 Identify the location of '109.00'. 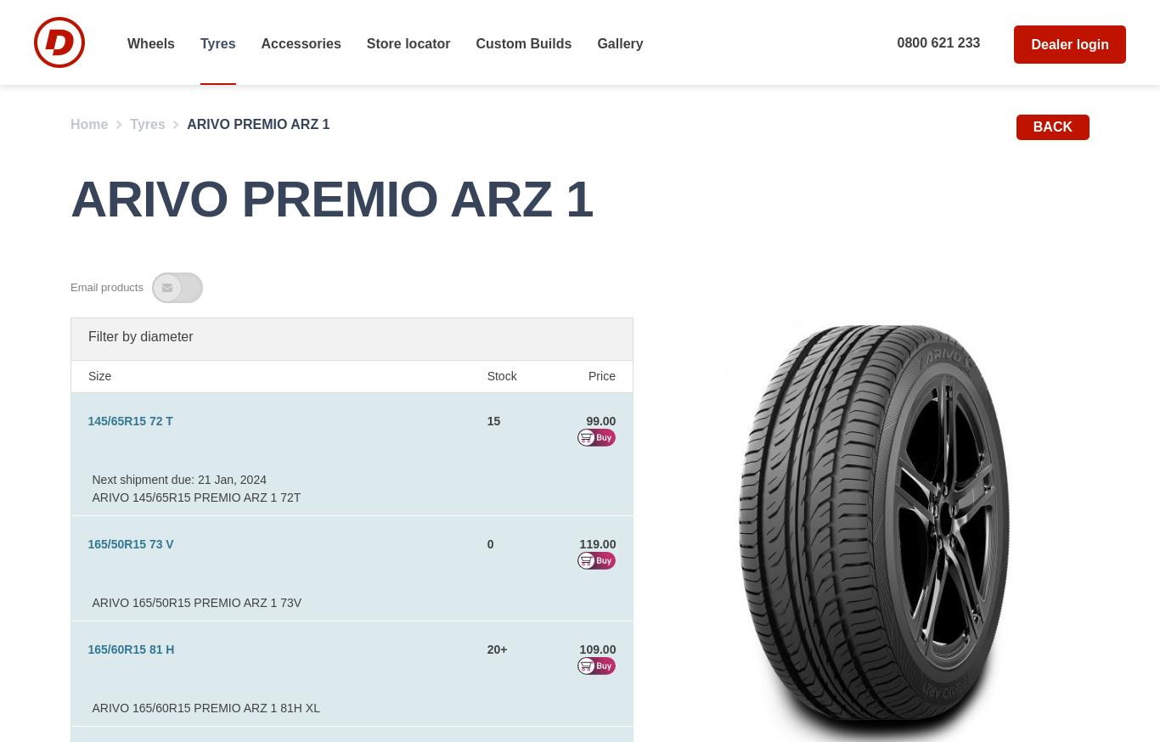
(578, 649).